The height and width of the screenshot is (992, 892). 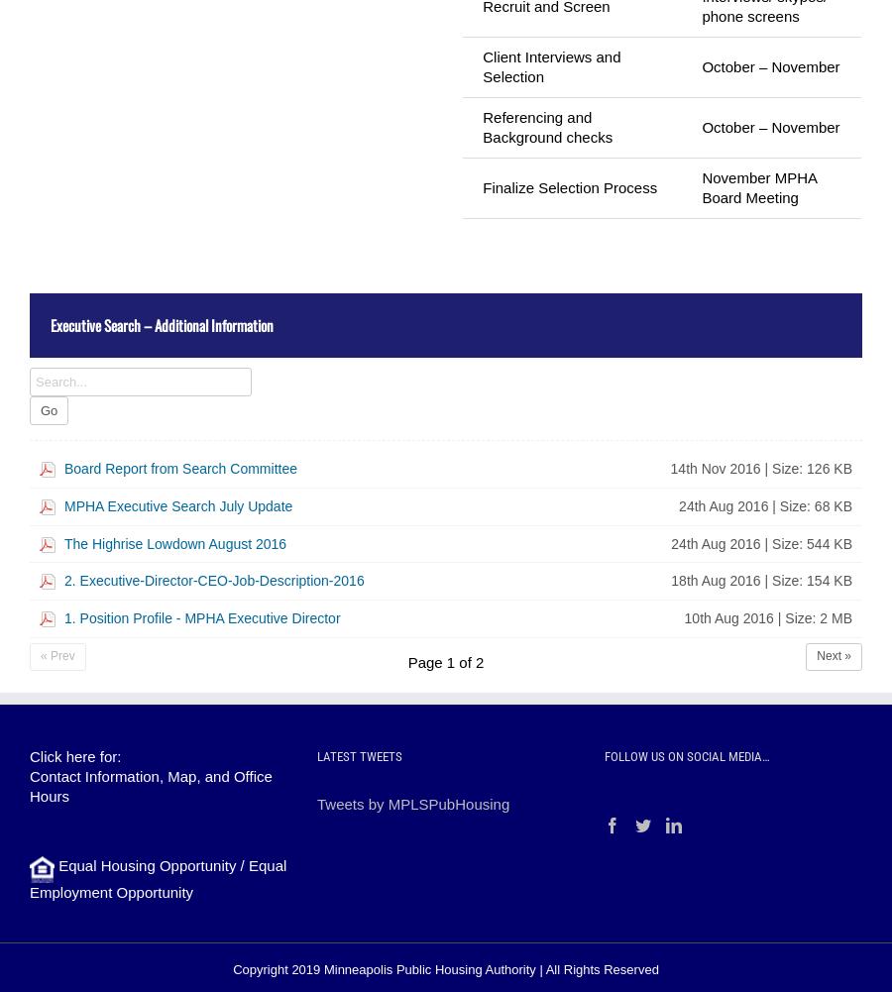 What do you see at coordinates (464, 661) in the screenshot?
I see `'of'` at bounding box center [464, 661].